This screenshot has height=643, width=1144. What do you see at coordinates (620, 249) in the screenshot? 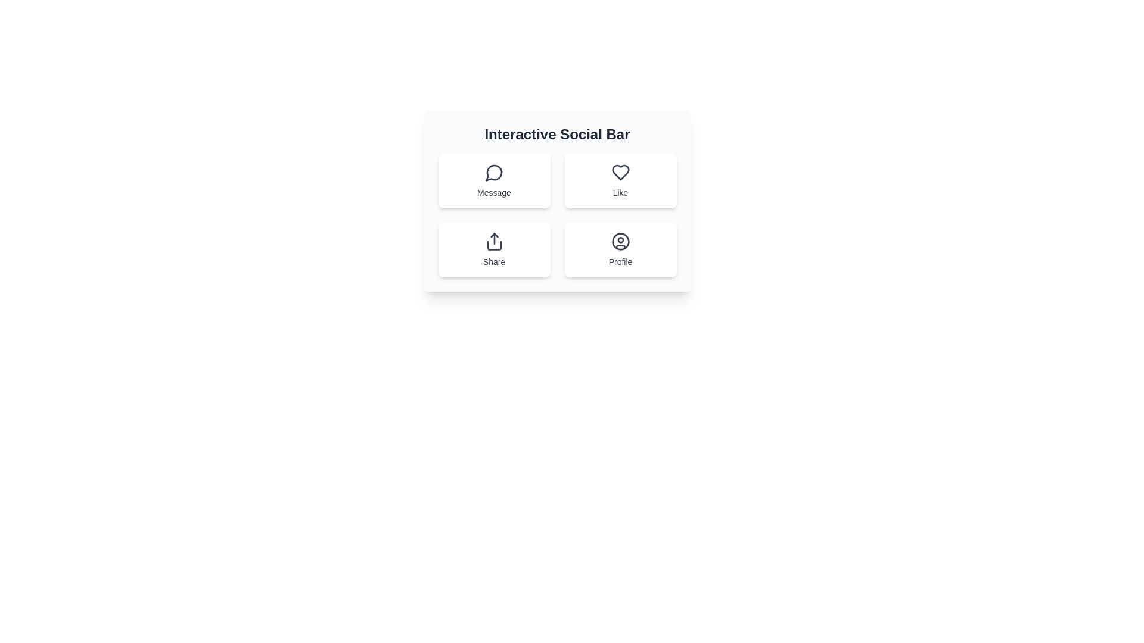
I see `the profile navigation button located in the bottom-right position of the grid layout, which triggers hover effects` at bounding box center [620, 249].